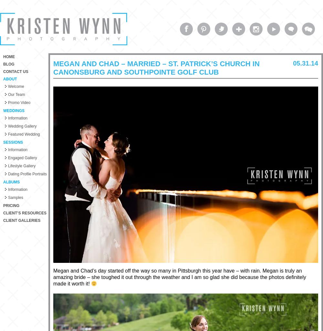 The height and width of the screenshot is (331, 323). Describe the element at coordinates (22, 126) in the screenshot. I see `'Wedding Gallery'` at that location.